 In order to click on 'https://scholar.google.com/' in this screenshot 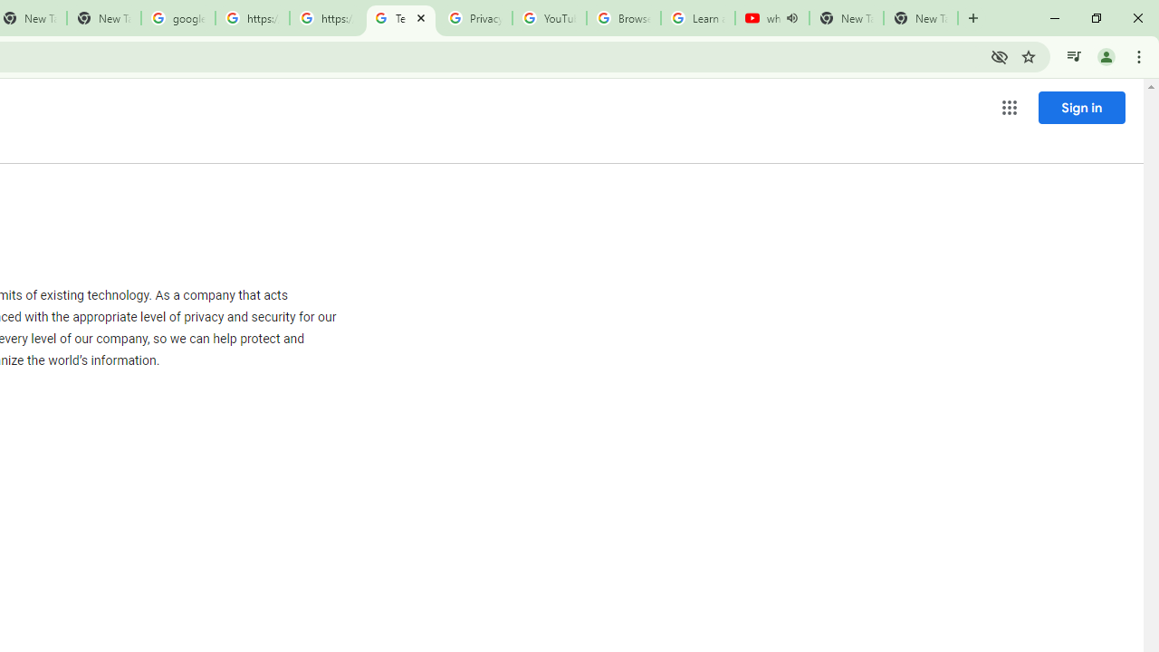, I will do `click(326, 18)`.